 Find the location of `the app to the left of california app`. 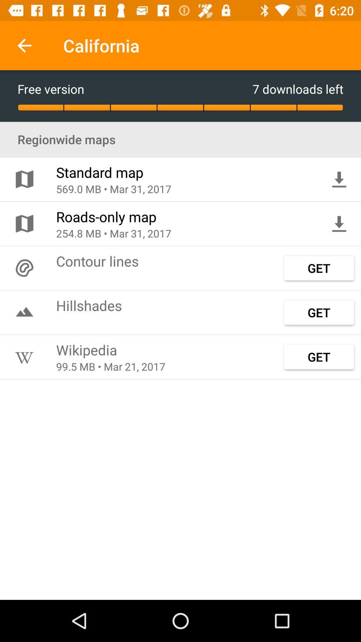

the app to the left of california app is located at coordinates (24, 45).